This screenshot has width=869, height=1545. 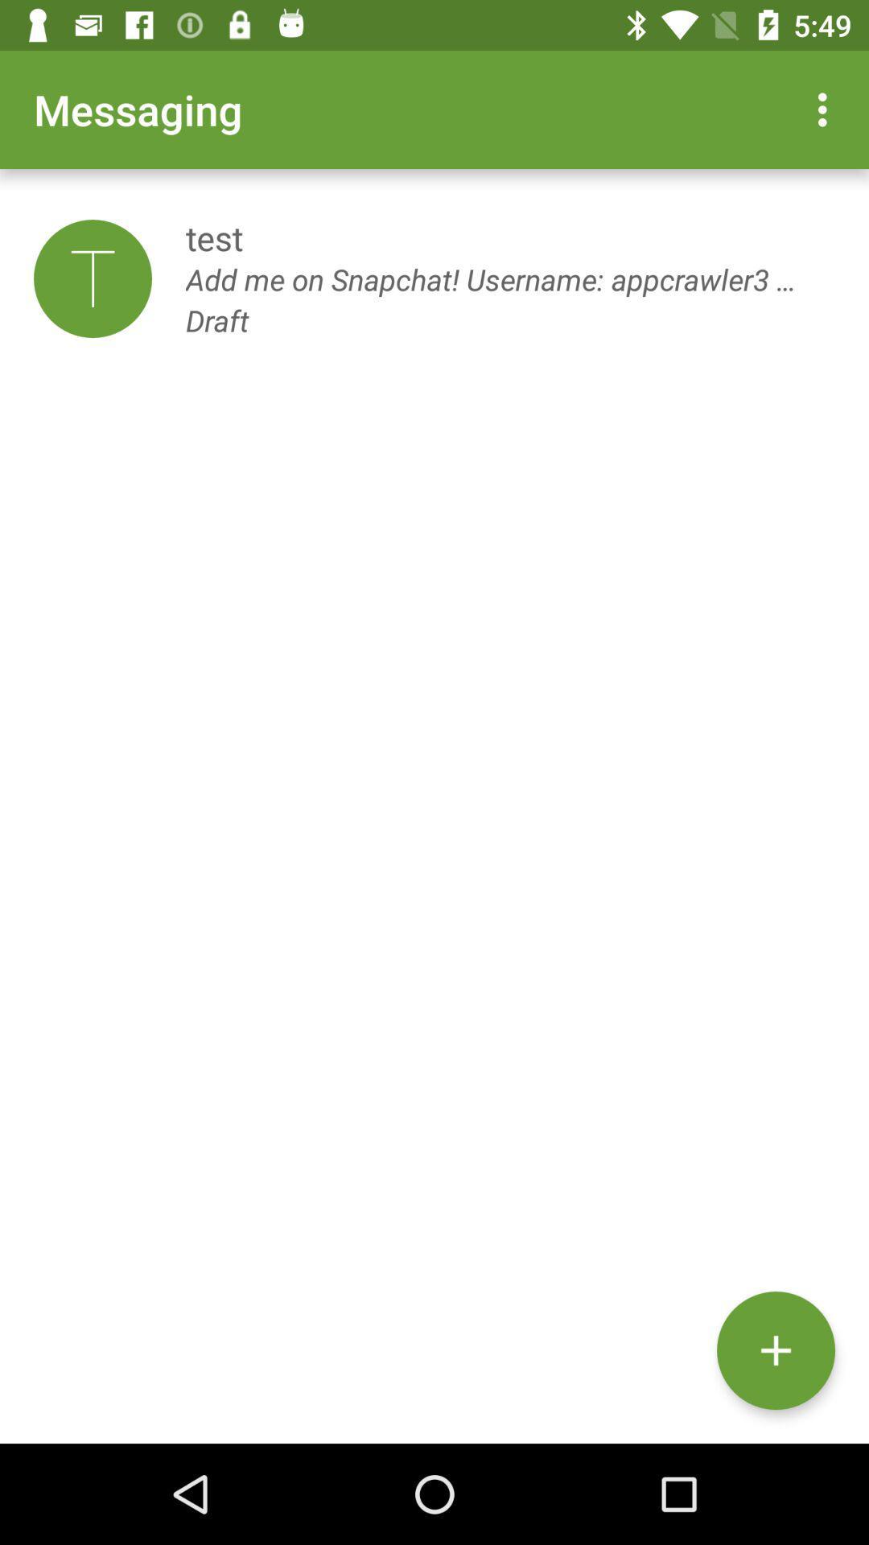 I want to click on item below the add me on, so click(x=775, y=1350).